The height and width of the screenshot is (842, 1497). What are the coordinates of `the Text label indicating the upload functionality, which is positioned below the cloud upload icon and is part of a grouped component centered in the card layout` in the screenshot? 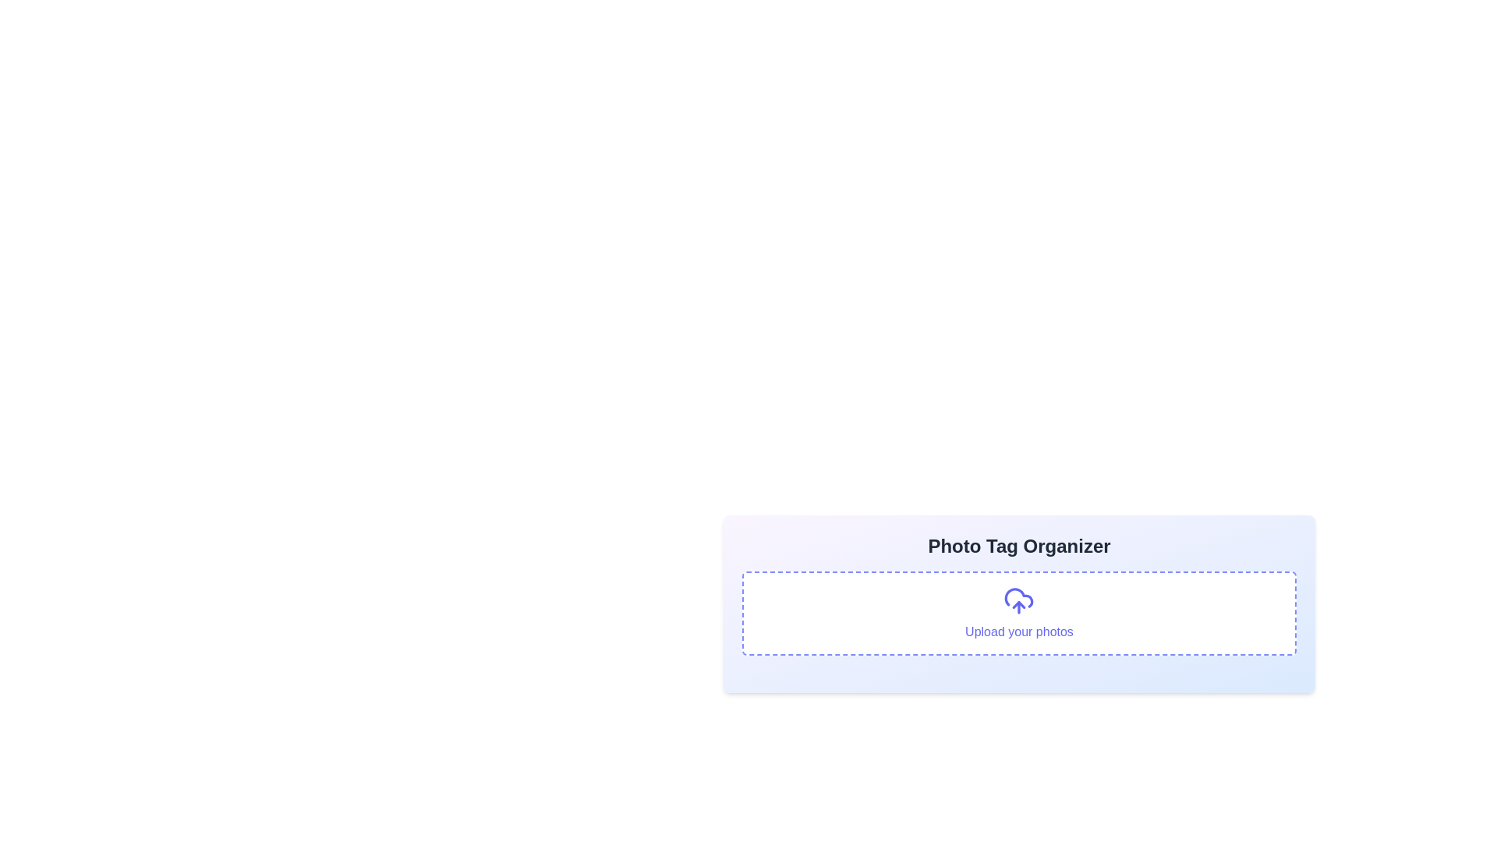 It's located at (1019, 631).